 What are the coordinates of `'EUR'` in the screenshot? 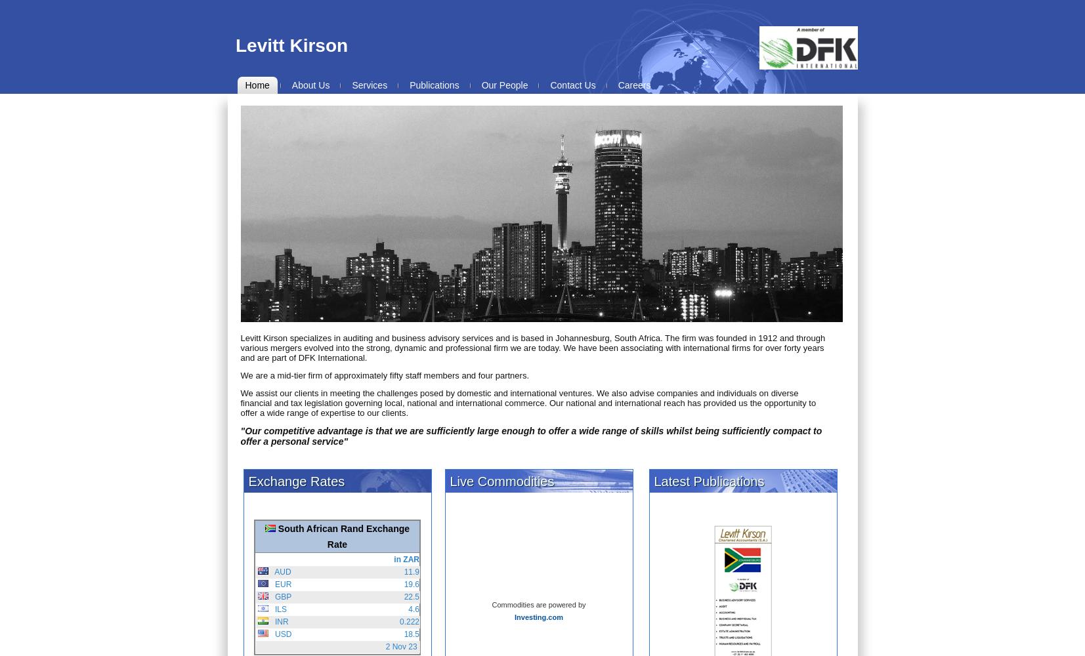 It's located at (279, 584).